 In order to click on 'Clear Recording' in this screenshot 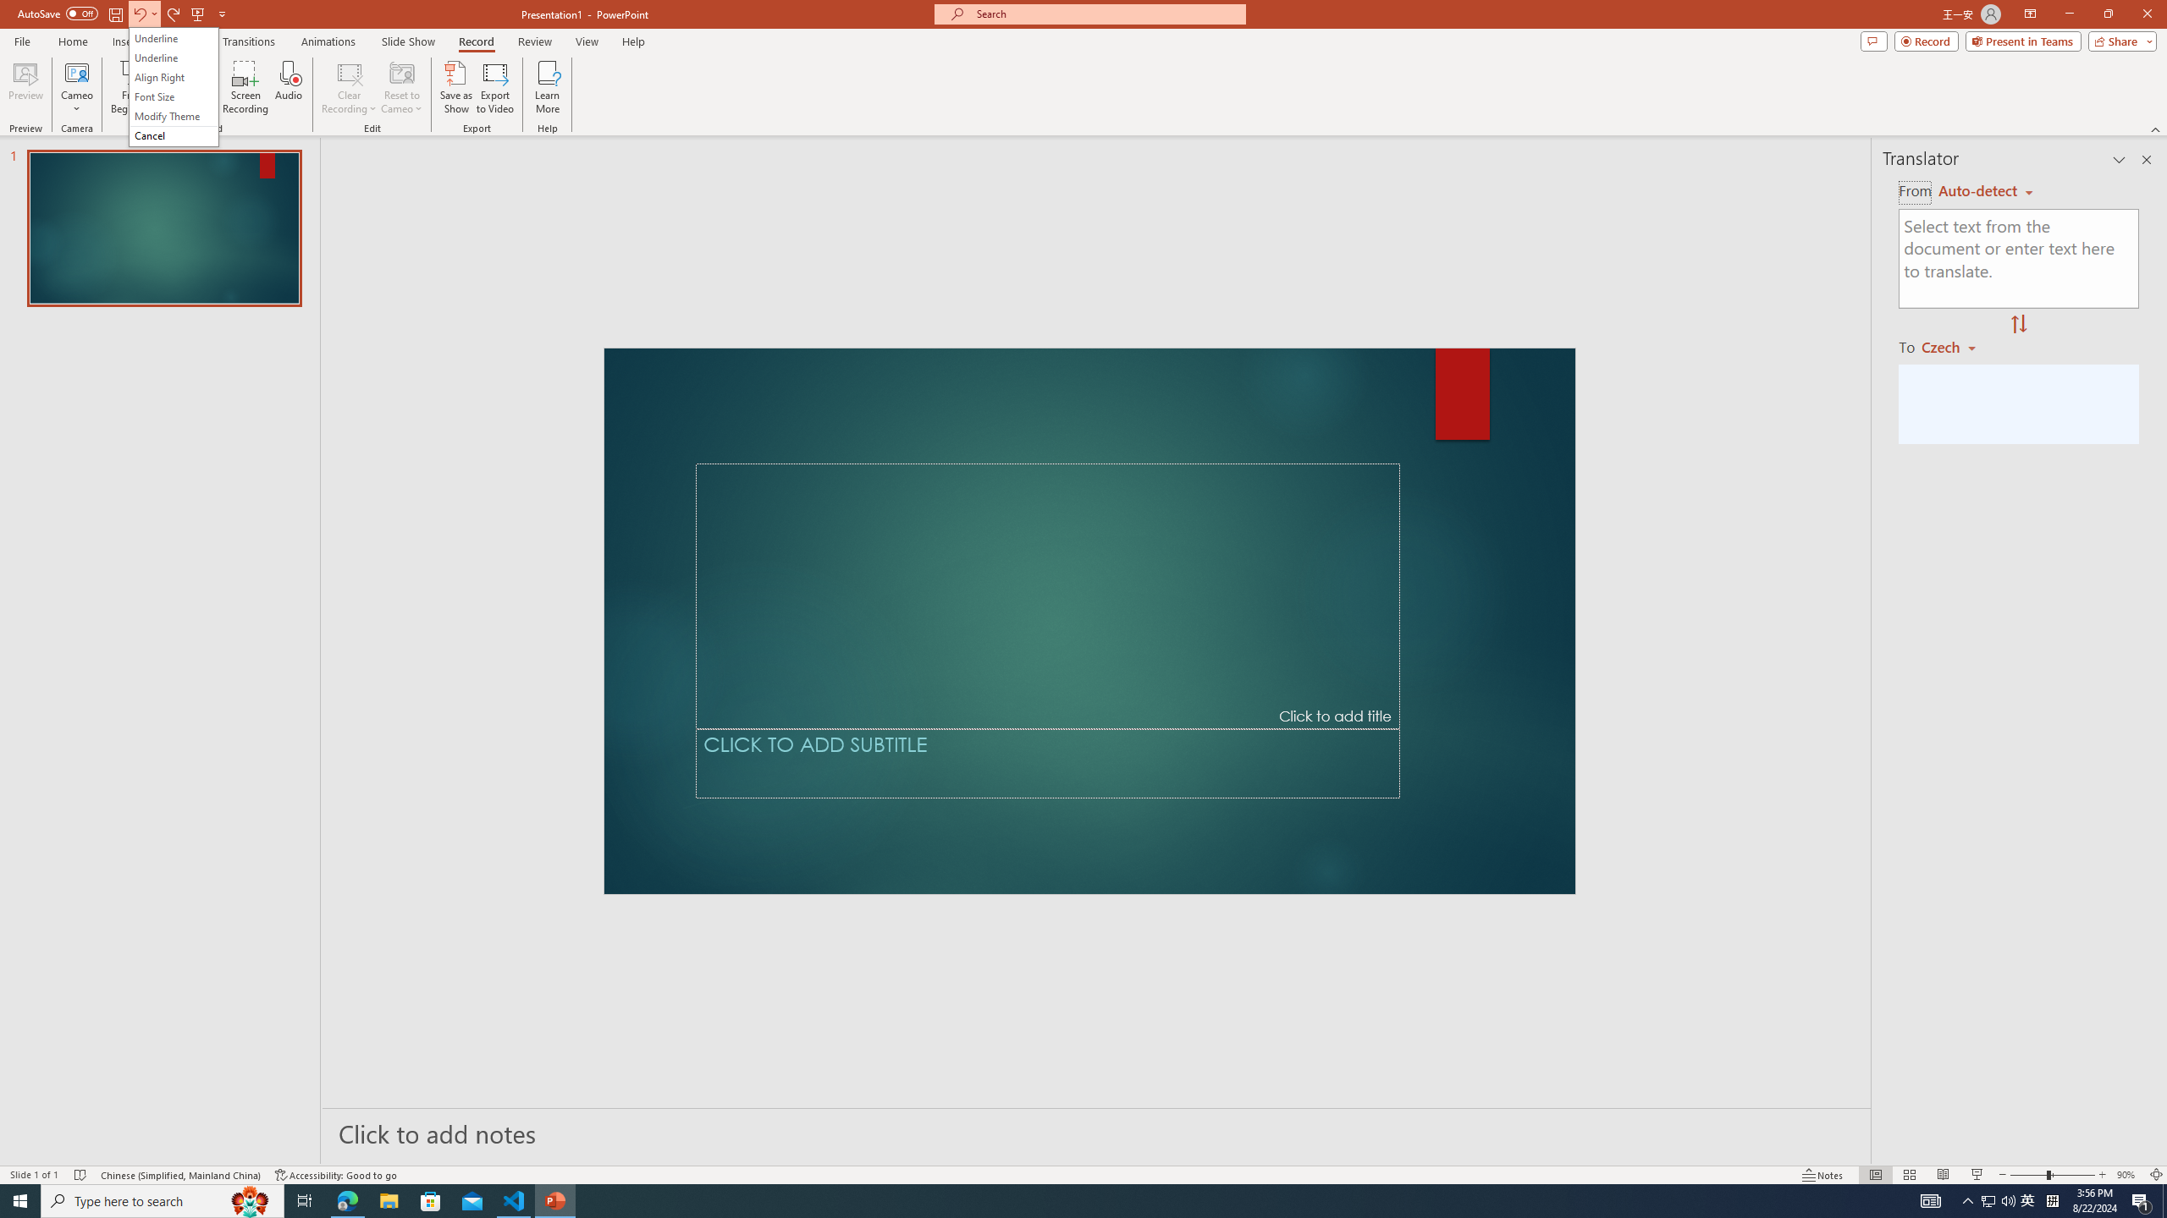, I will do `click(349, 87)`.